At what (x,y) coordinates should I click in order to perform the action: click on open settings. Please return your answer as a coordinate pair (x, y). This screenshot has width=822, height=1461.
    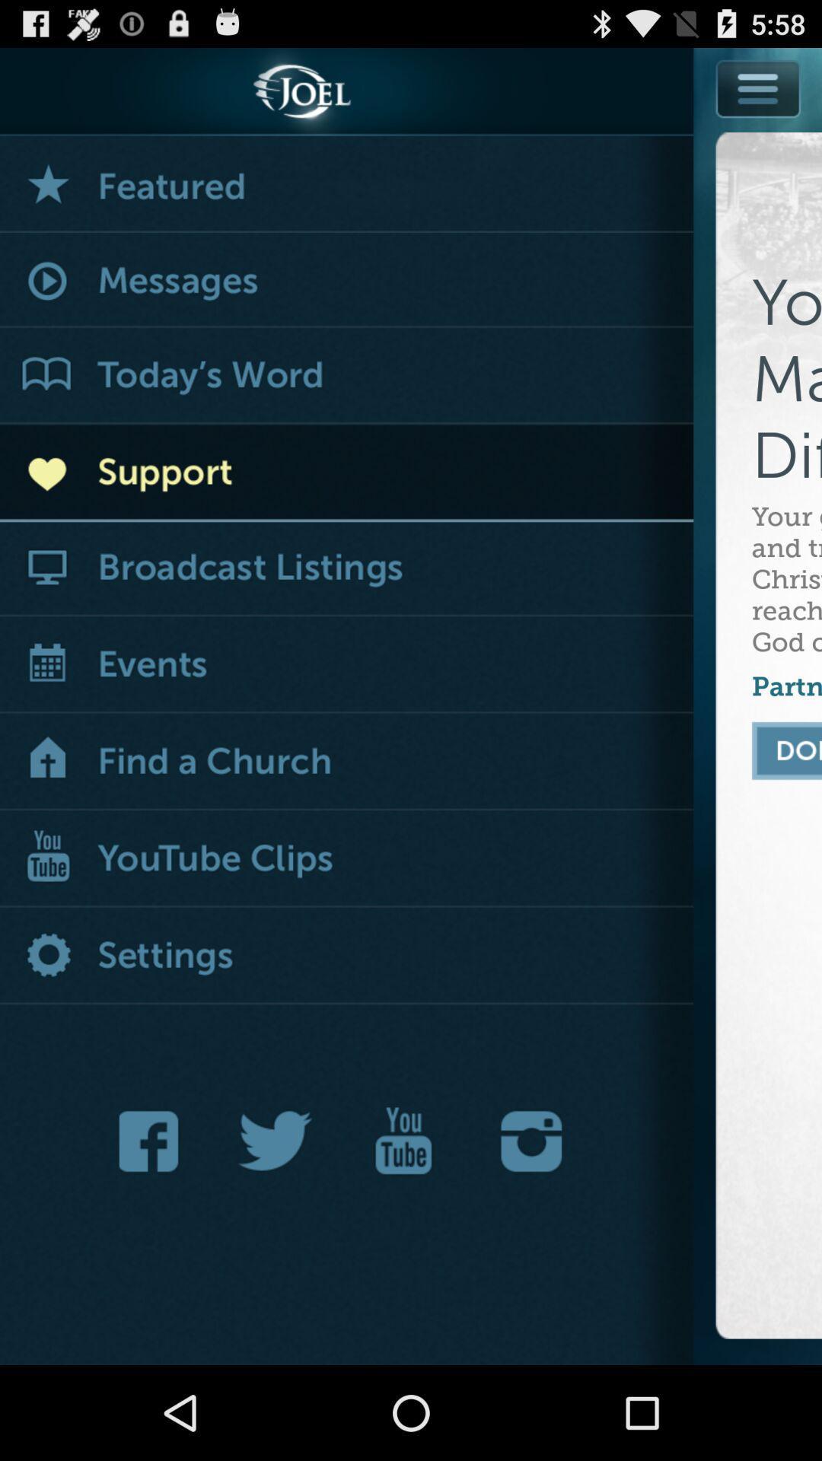
    Looking at the image, I should click on (346, 956).